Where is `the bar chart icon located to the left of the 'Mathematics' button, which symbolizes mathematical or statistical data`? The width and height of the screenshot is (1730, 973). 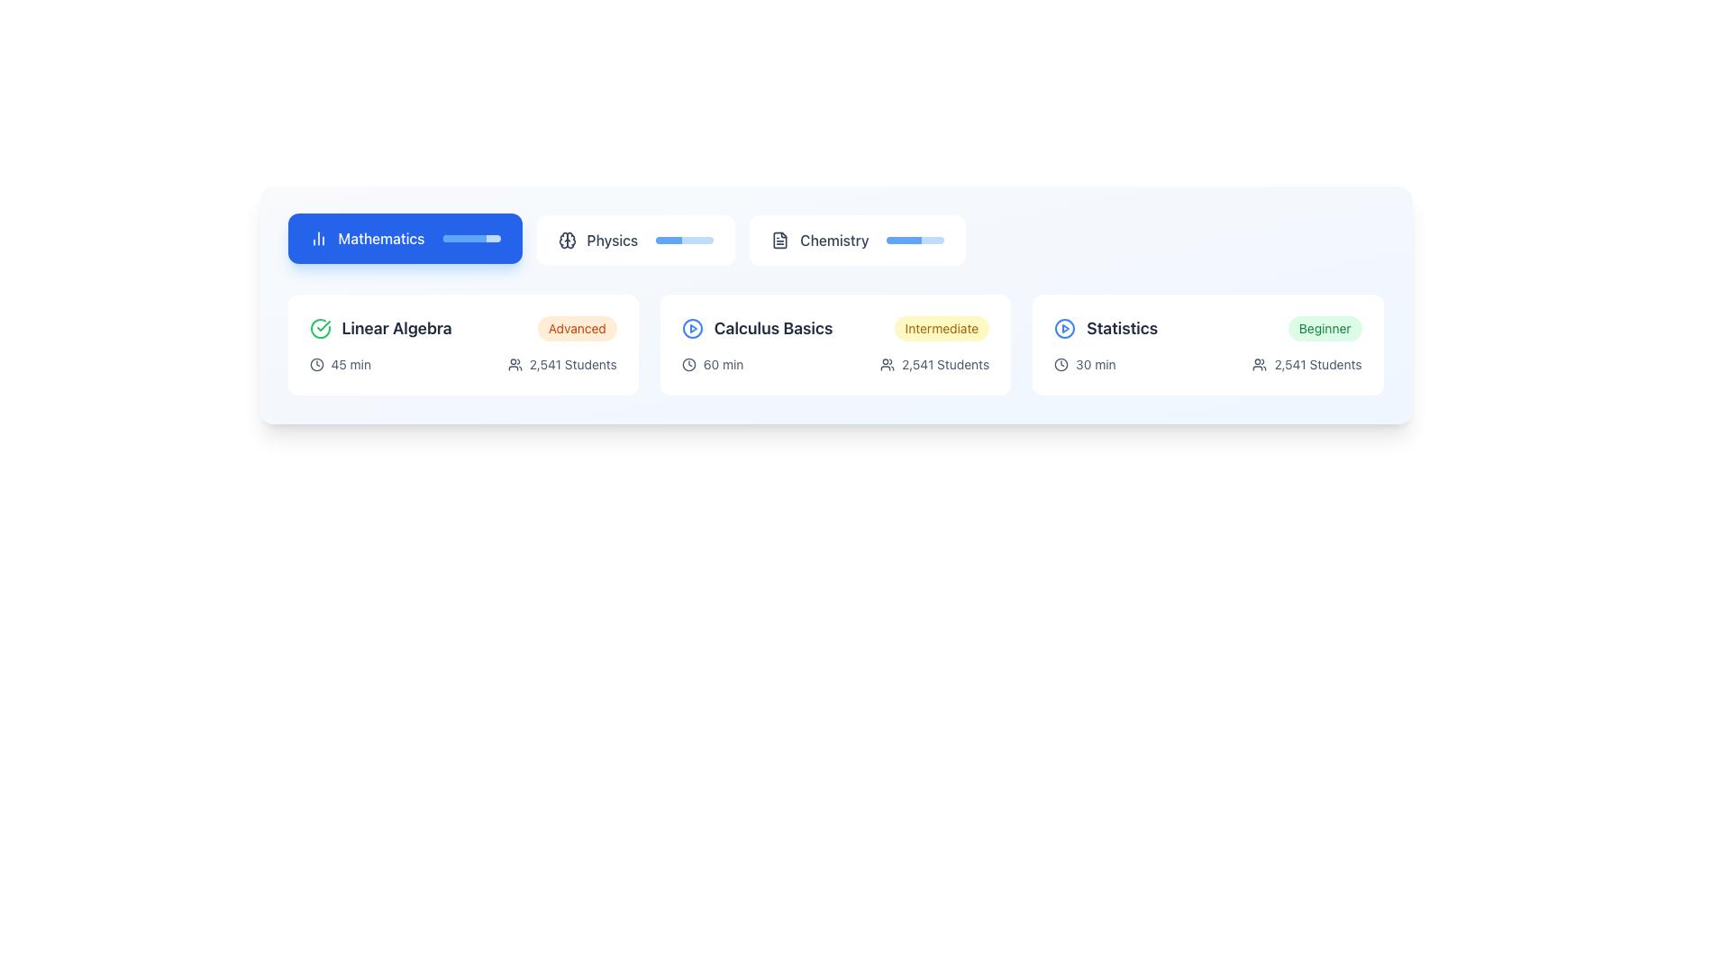
the bar chart icon located to the left of the 'Mathematics' button, which symbolizes mathematical or statistical data is located at coordinates (318, 238).